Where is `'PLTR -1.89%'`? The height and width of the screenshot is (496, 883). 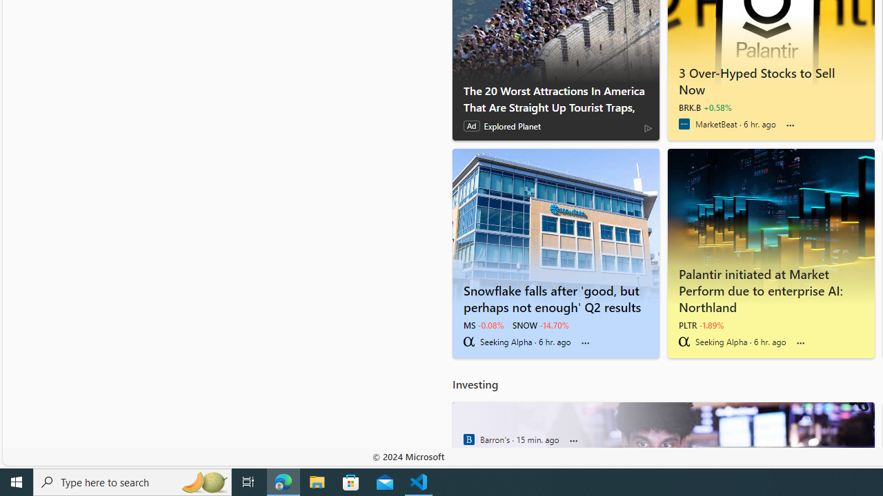
'PLTR -1.89%' is located at coordinates (701, 324).